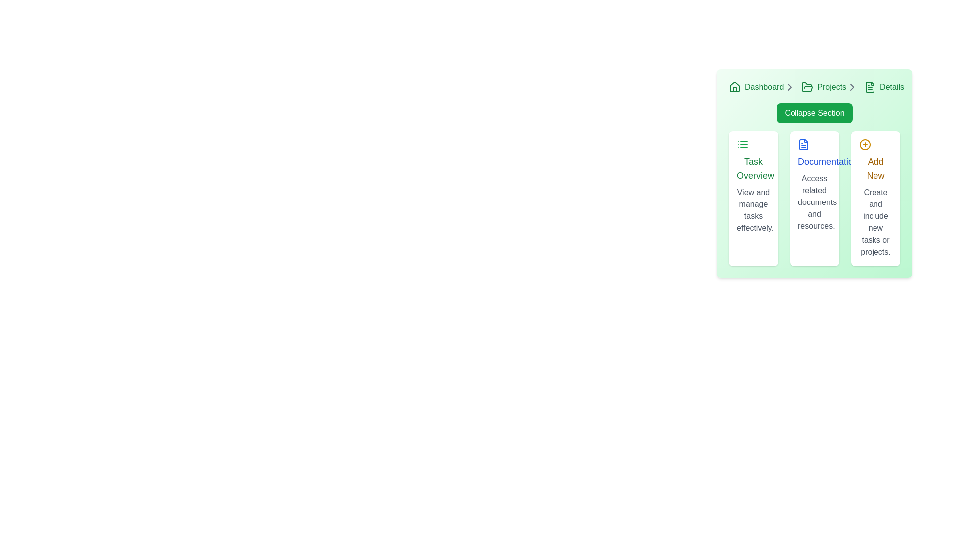  Describe the element at coordinates (753, 210) in the screenshot. I see `the static text element located in the first column below the 'Task Overview' heading, which provides additional descriptive information about the section` at that location.